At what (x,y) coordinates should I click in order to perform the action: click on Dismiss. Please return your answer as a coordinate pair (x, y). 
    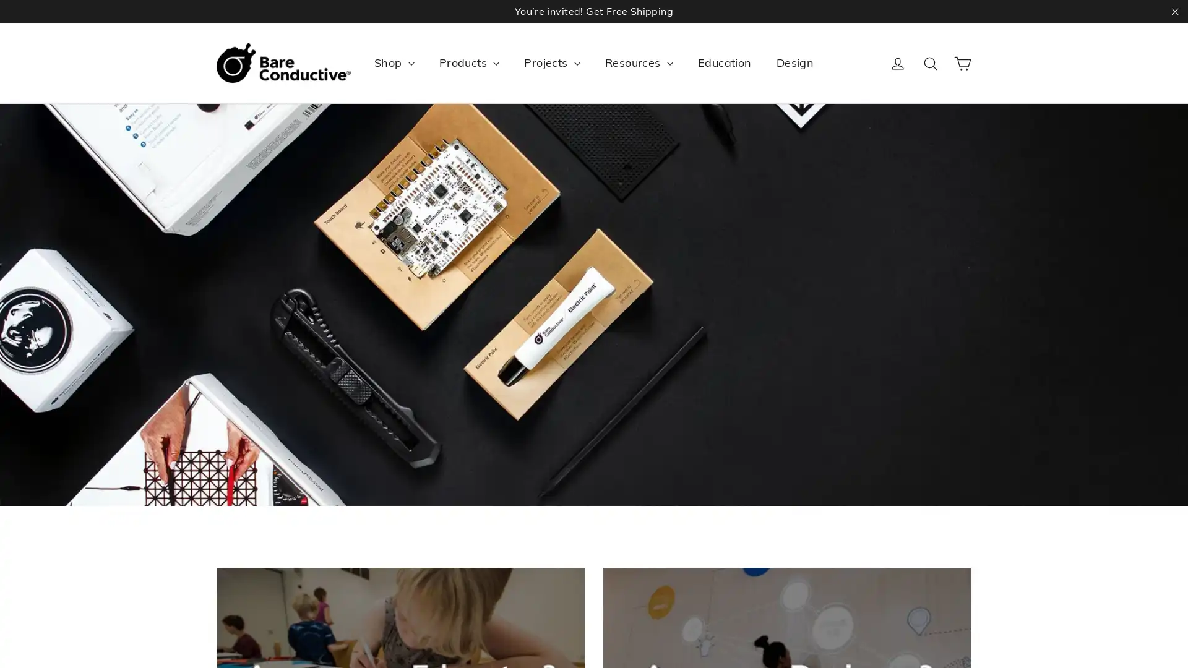
    Looking at the image, I should click on (731, 225).